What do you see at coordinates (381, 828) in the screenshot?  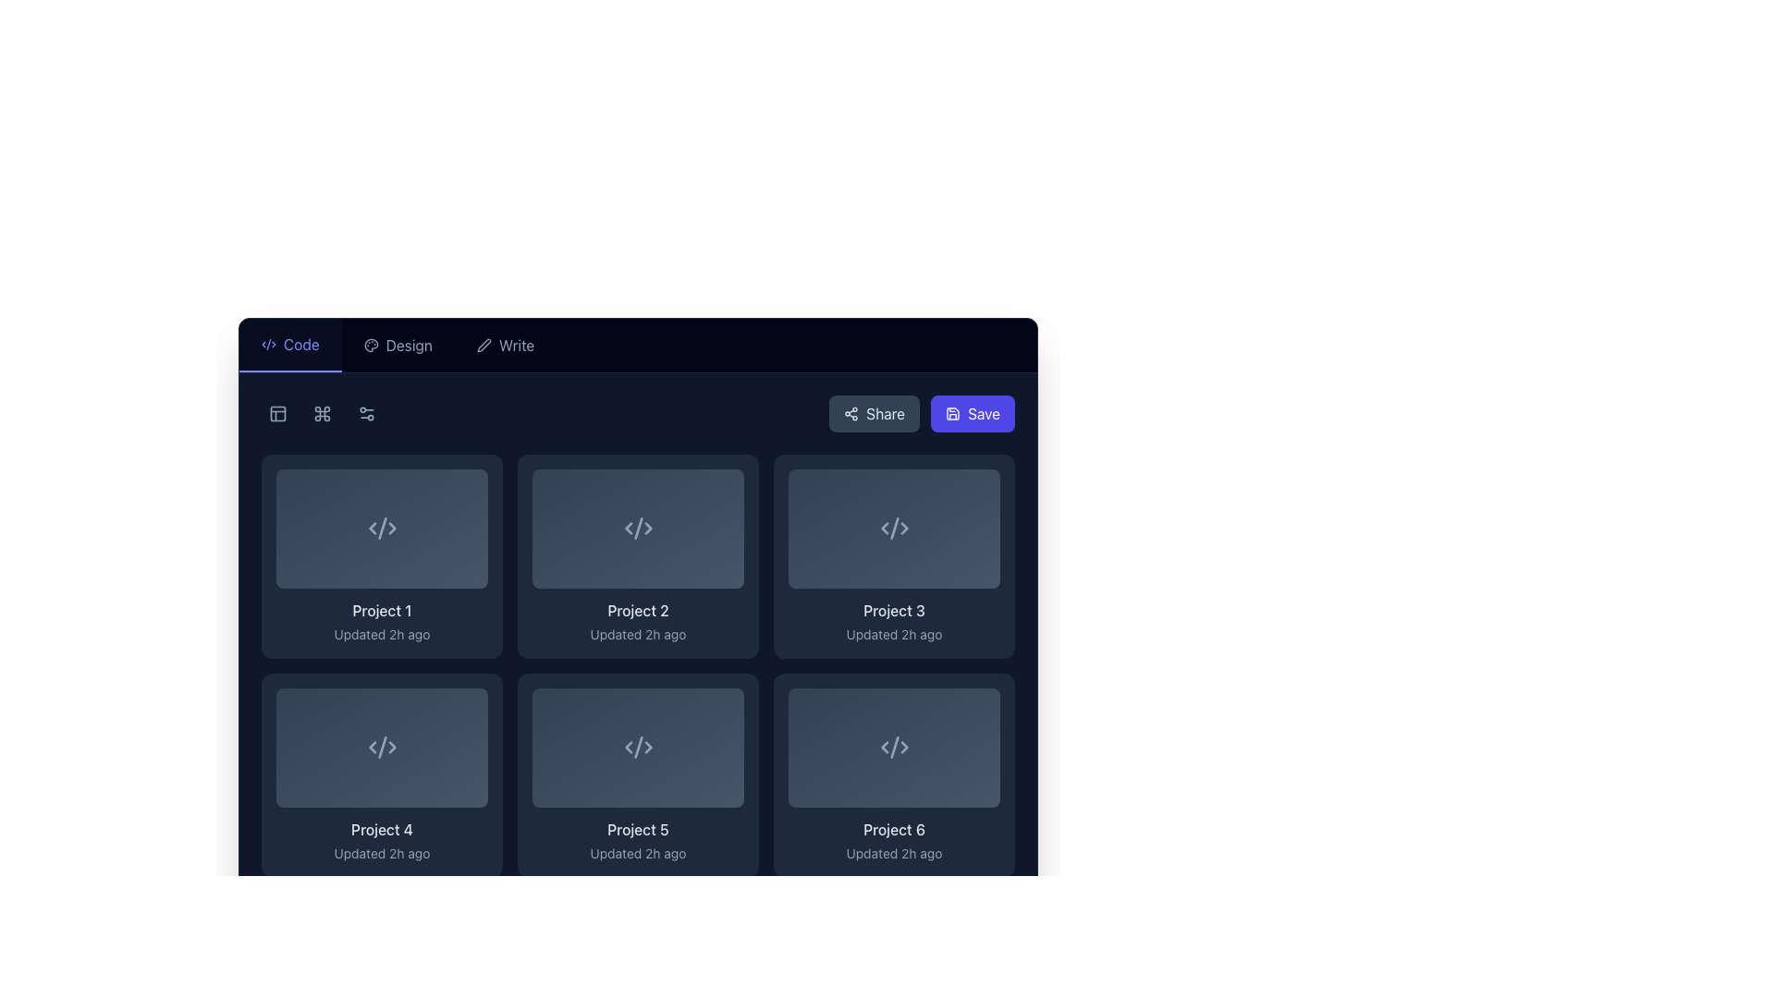 I see `the text label displaying 'Project 4', which is styled with a medium weight font and light slate color, located in the bottom-middle section of the project card` at bounding box center [381, 828].